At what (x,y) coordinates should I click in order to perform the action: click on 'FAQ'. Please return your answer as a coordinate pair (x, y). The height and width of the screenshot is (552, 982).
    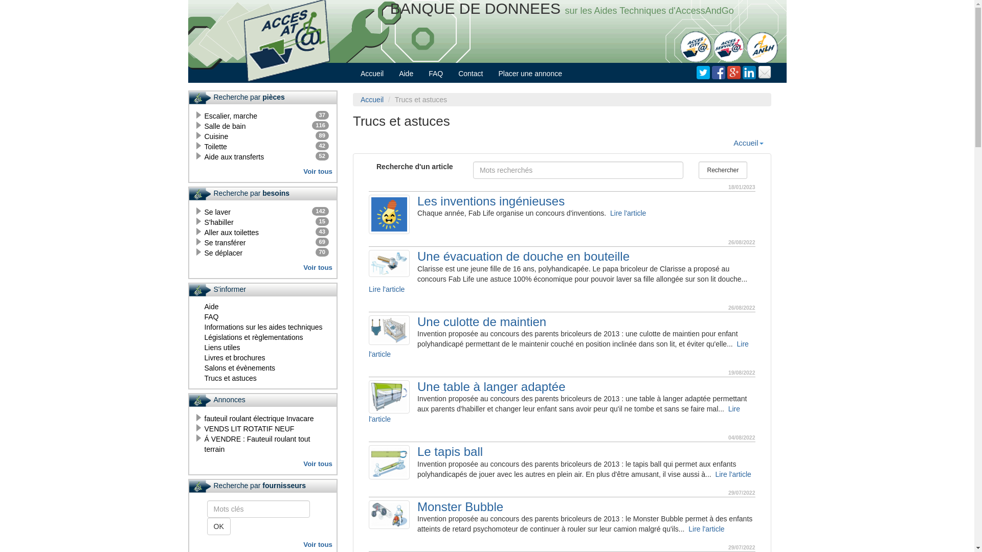
    Looking at the image, I should click on (435, 73).